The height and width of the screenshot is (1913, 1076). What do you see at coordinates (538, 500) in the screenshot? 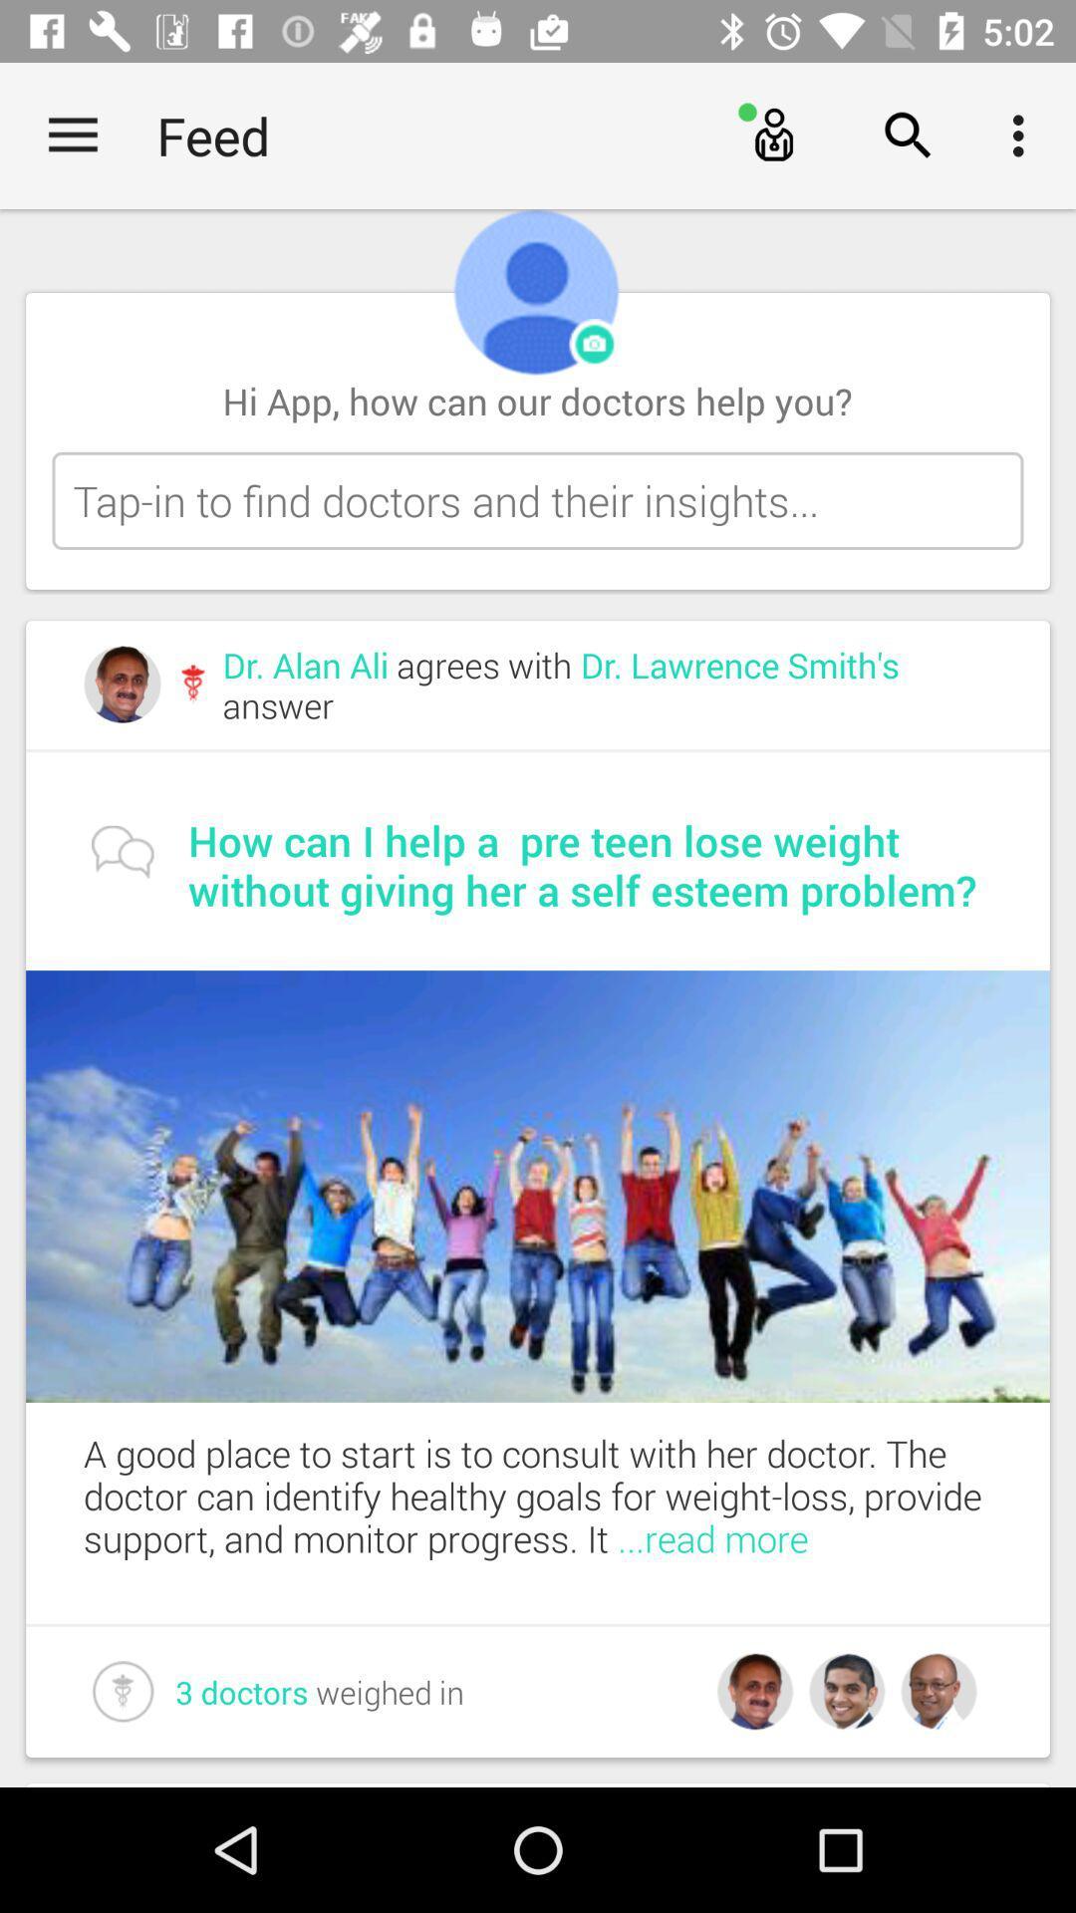
I see `item above the dr alan ali item` at bounding box center [538, 500].